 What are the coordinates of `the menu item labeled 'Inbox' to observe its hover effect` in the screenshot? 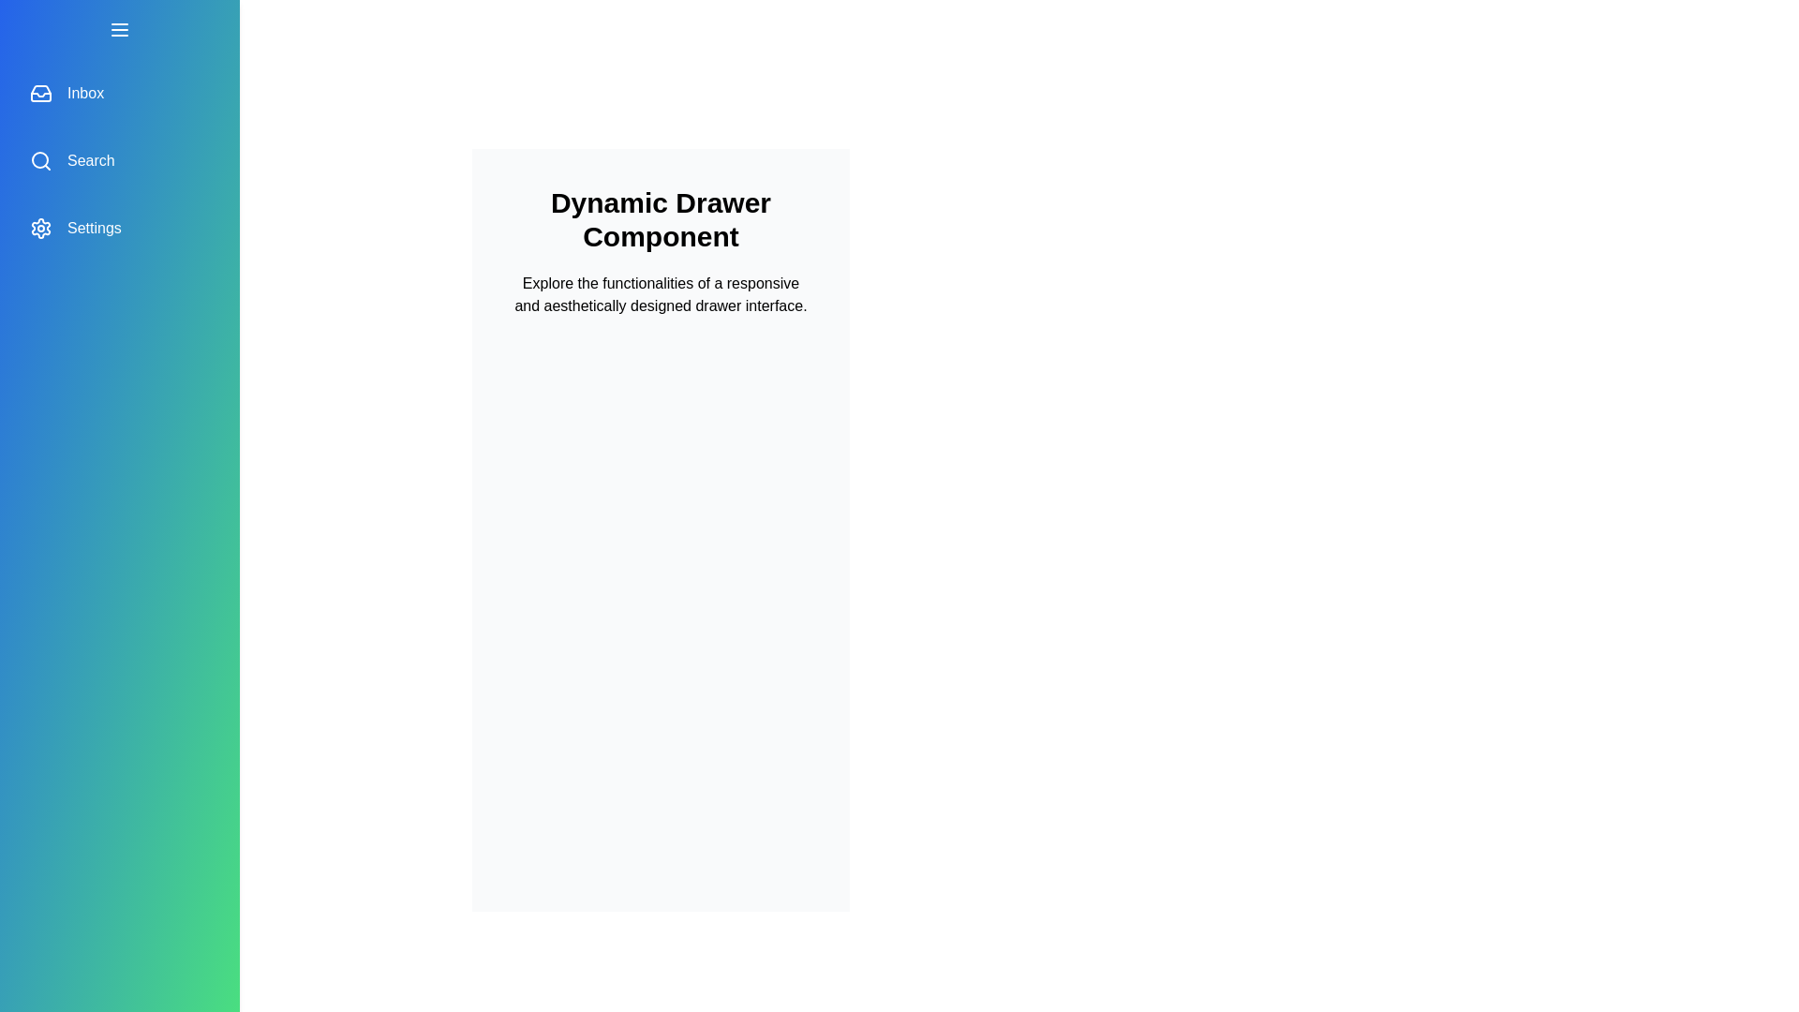 It's located at (119, 94).